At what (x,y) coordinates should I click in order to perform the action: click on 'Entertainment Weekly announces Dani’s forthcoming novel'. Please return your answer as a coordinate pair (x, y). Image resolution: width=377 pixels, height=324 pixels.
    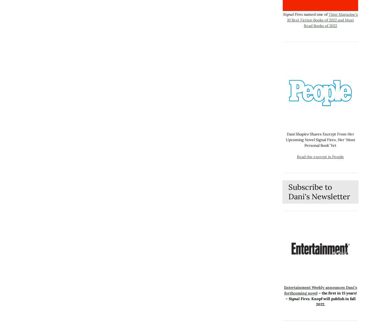
    Looking at the image, I should click on (320, 290).